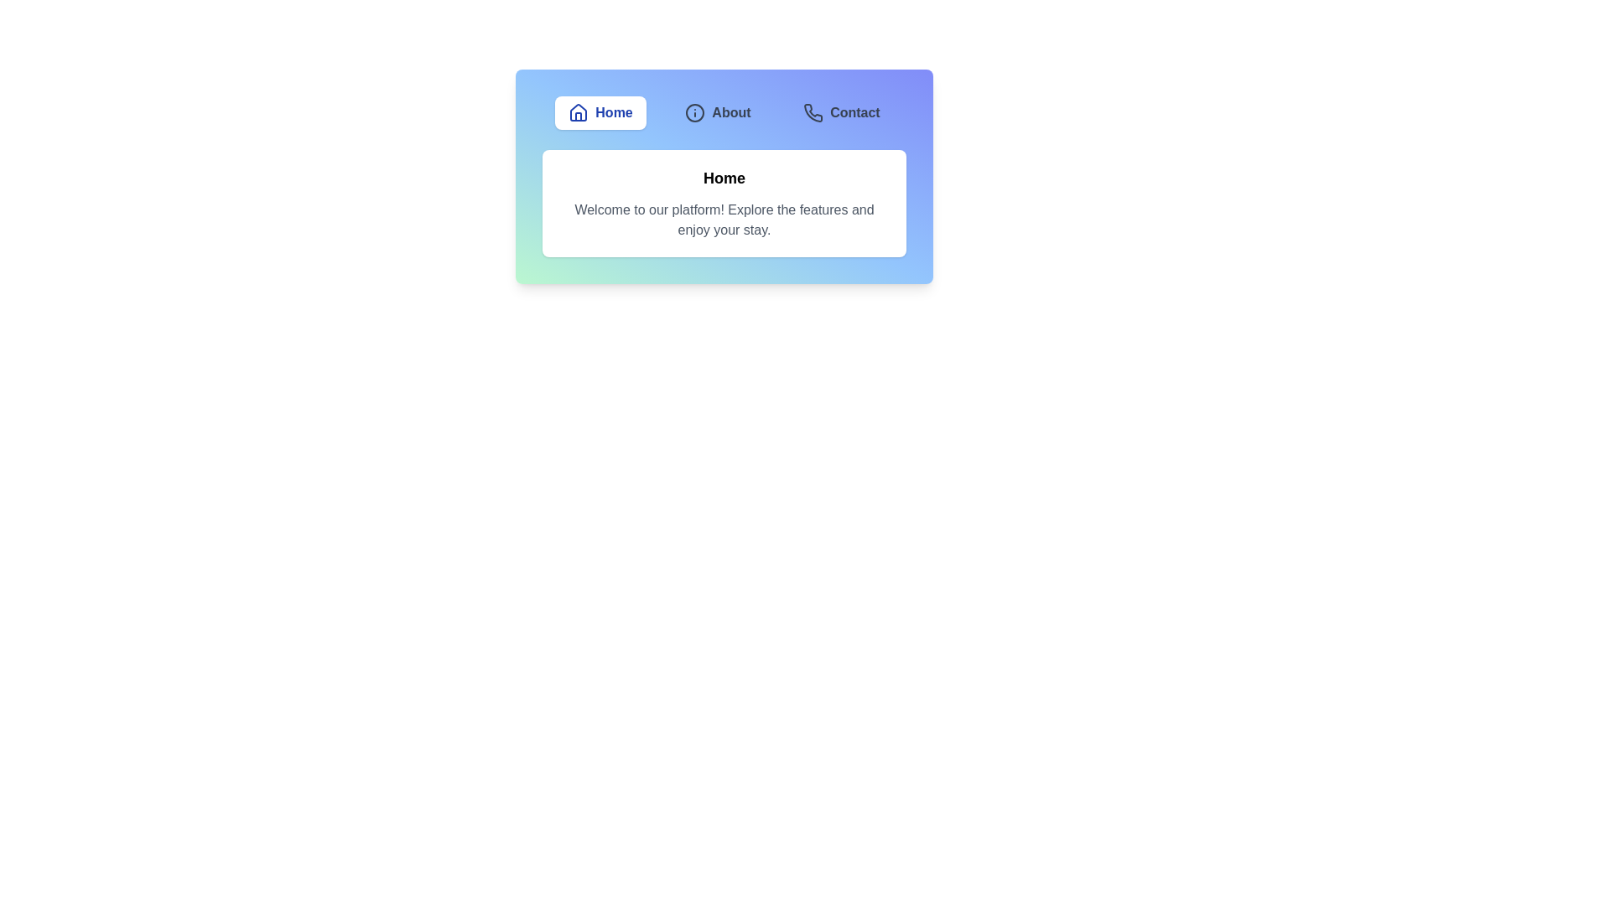 This screenshot has width=1610, height=905. I want to click on the Contact tab to navigate to it, so click(841, 113).